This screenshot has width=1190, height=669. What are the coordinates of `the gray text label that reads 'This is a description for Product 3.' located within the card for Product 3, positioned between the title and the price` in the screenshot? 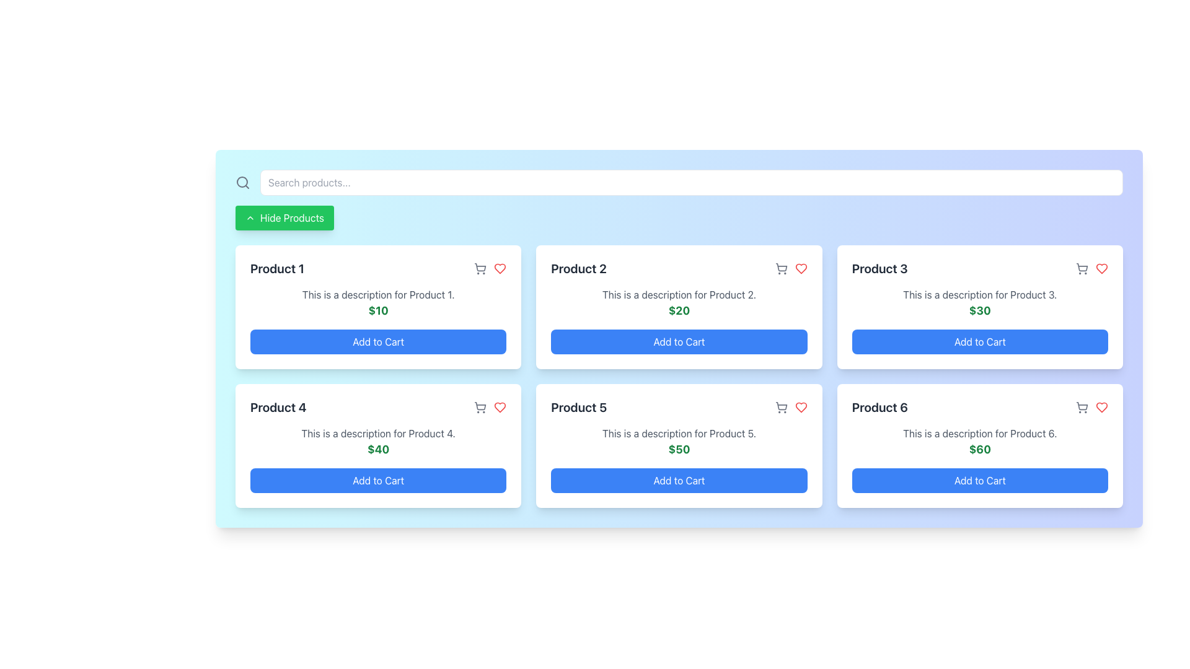 It's located at (979, 294).